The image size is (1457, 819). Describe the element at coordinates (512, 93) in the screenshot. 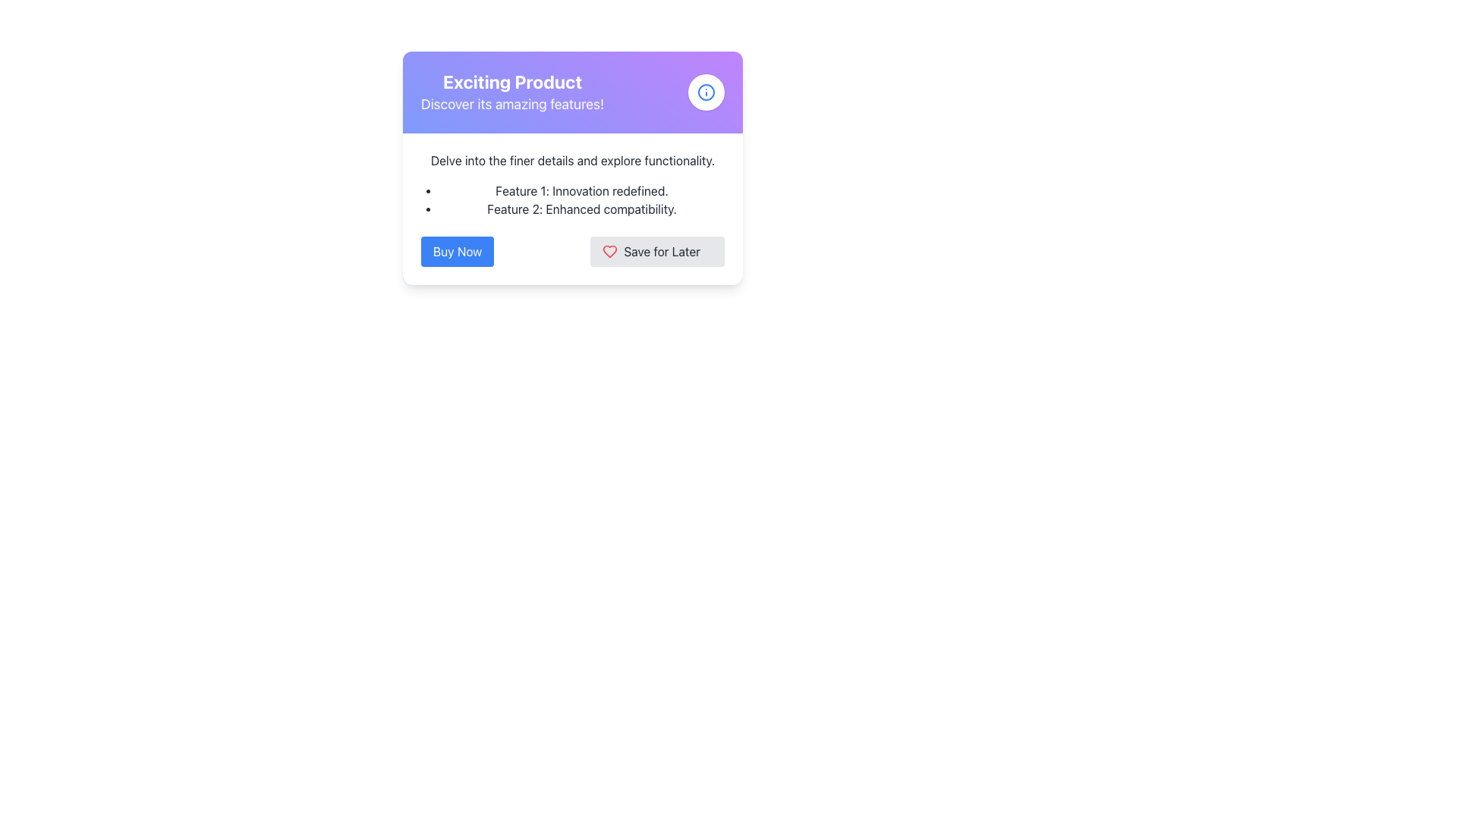

I see `text displayed in the top-left corner of the card interface, which includes 'Exciting Product' and 'Discover its amazing features!' on a purple background` at that location.